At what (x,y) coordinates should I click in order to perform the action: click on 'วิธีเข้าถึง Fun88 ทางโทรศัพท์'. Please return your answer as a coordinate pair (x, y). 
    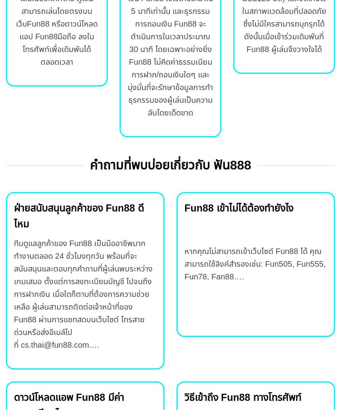
    Looking at the image, I should click on (242, 397).